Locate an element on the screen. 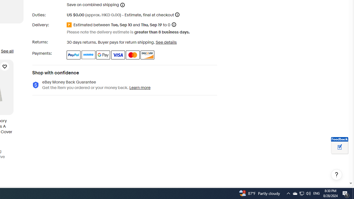 This screenshot has height=199, width=354. 'Discover' is located at coordinates (147, 55).